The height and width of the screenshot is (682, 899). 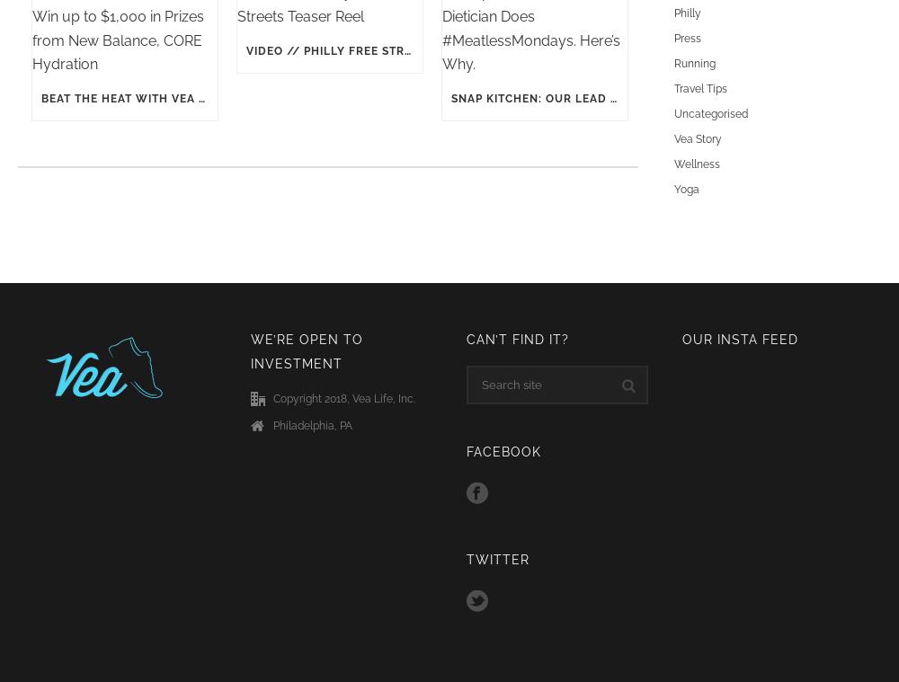 What do you see at coordinates (711, 112) in the screenshot?
I see `'Uncategorised'` at bounding box center [711, 112].